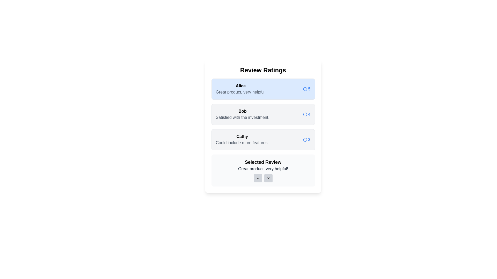  Describe the element at coordinates (263, 114) in the screenshot. I see `the review with user name Bob` at that location.